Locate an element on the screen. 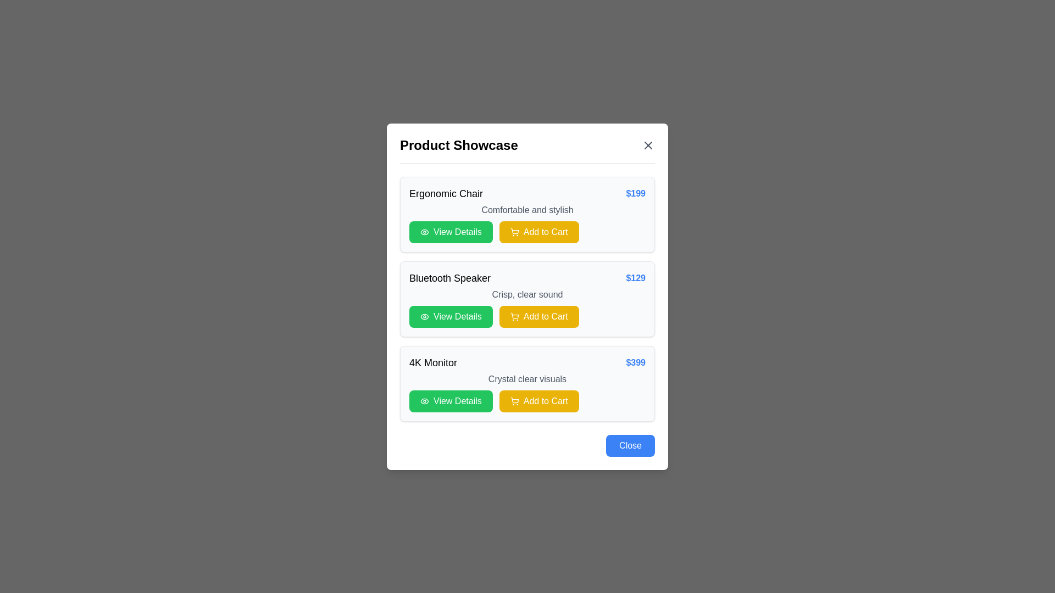 This screenshot has width=1055, height=593. the shopping cart icon within the yellow 'Add to Cart' button for the 'Bluetooth Speaker' item is located at coordinates (514, 231).